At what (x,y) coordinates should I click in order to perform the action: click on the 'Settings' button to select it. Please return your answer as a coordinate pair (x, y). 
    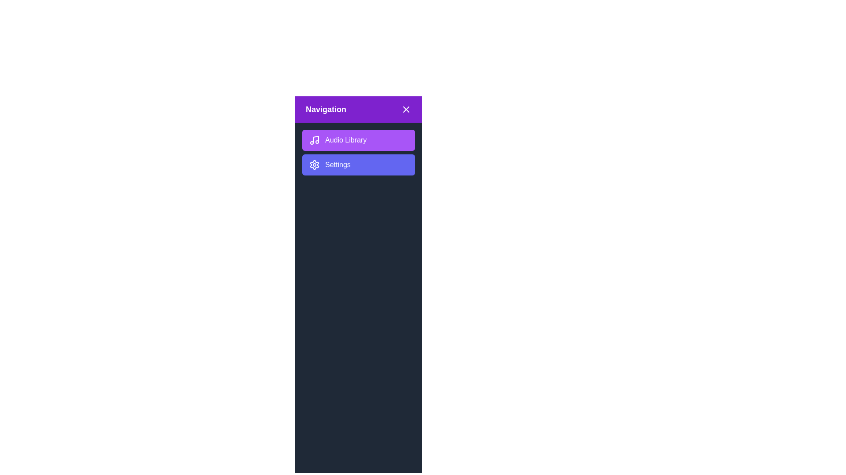
    Looking at the image, I should click on (359, 164).